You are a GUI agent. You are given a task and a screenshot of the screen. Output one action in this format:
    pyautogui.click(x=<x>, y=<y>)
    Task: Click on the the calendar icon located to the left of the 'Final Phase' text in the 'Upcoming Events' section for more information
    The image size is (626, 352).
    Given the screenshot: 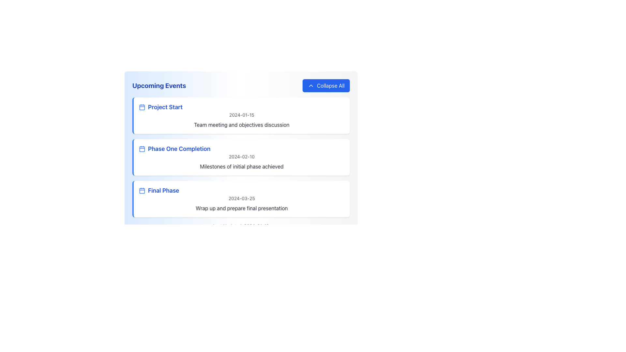 What is the action you would take?
    pyautogui.click(x=142, y=191)
    